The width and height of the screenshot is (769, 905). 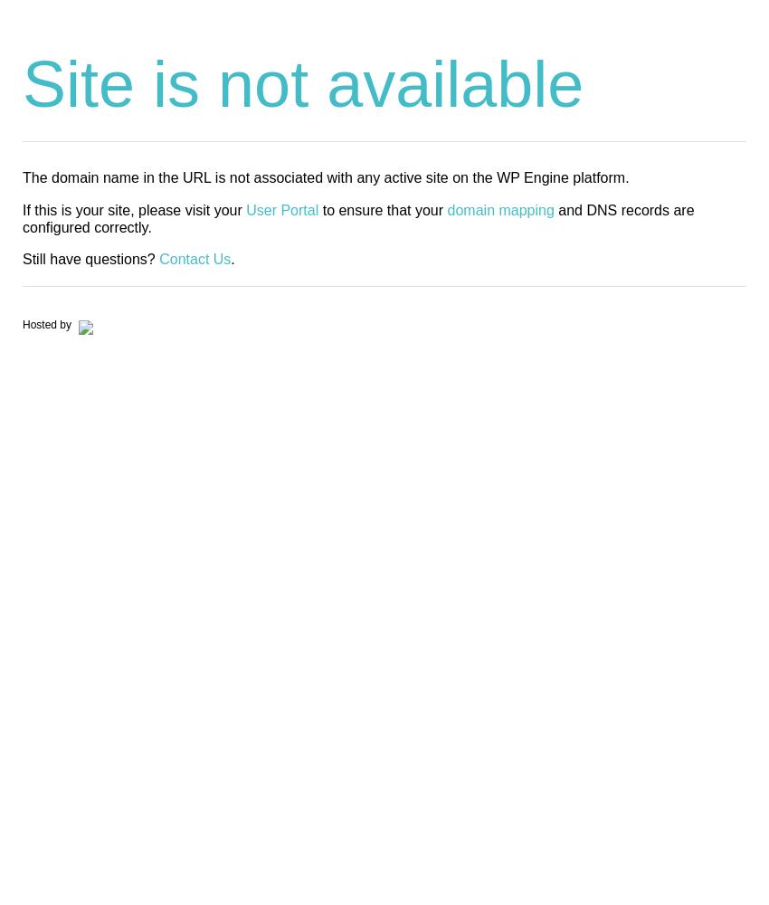 I want to click on 'Hosted by', so click(x=48, y=324).